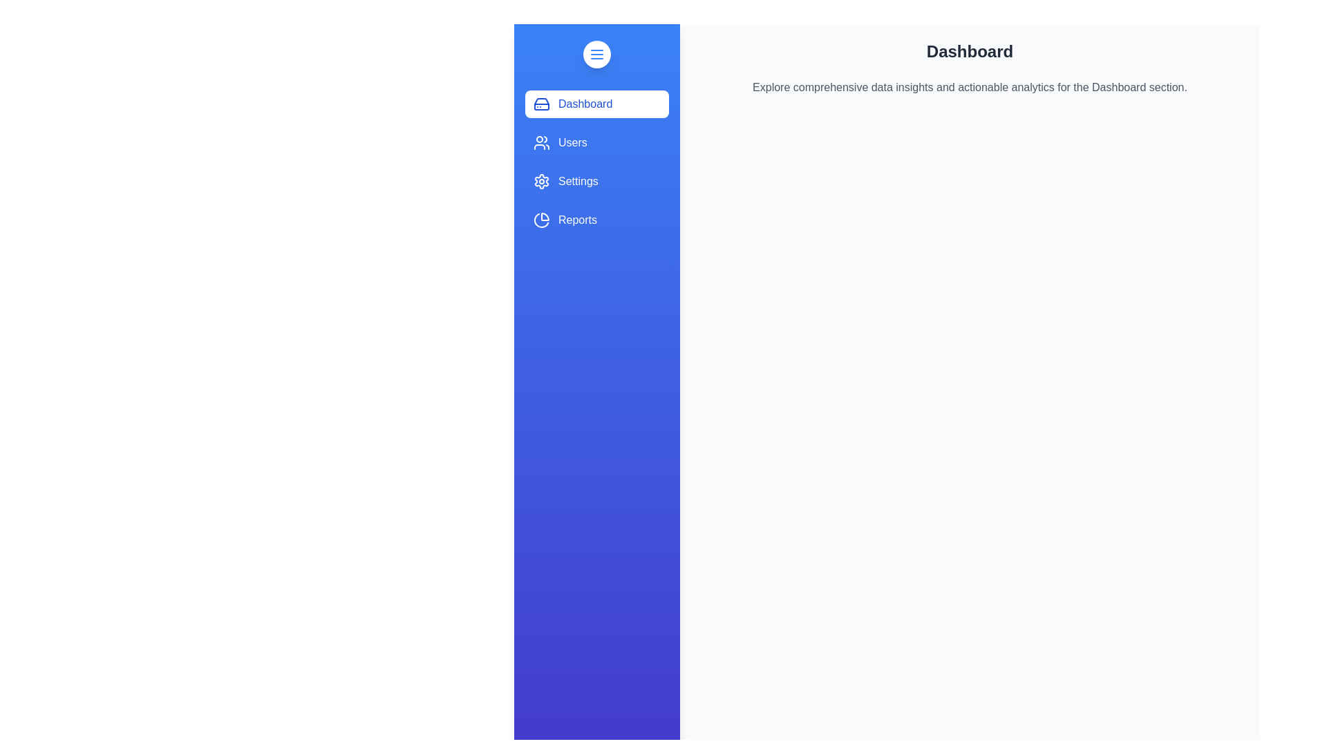 The width and height of the screenshot is (1327, 746). Describe the element at coordinates (597, 103) in the screenshot. I see `the 'Dashboard' tab to activate it` at that location.